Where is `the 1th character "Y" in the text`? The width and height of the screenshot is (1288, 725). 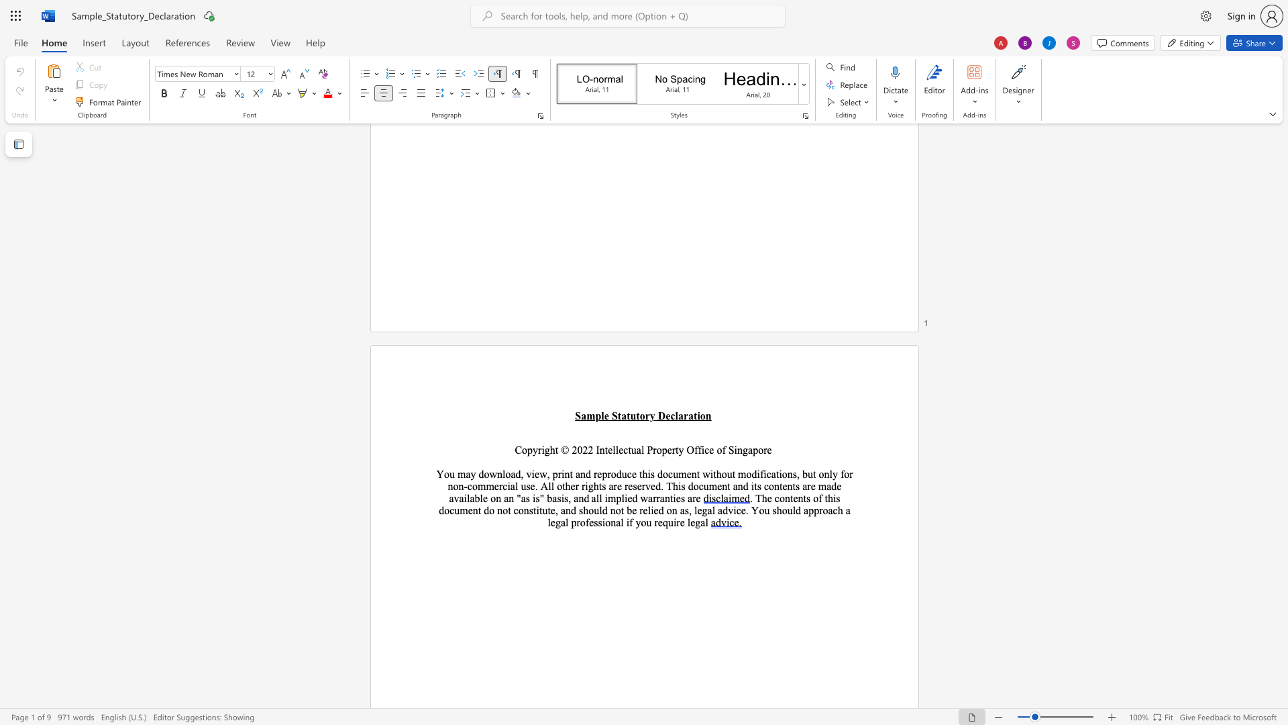
the 1th character "Y" in the text is located at coordinates (755, 510).